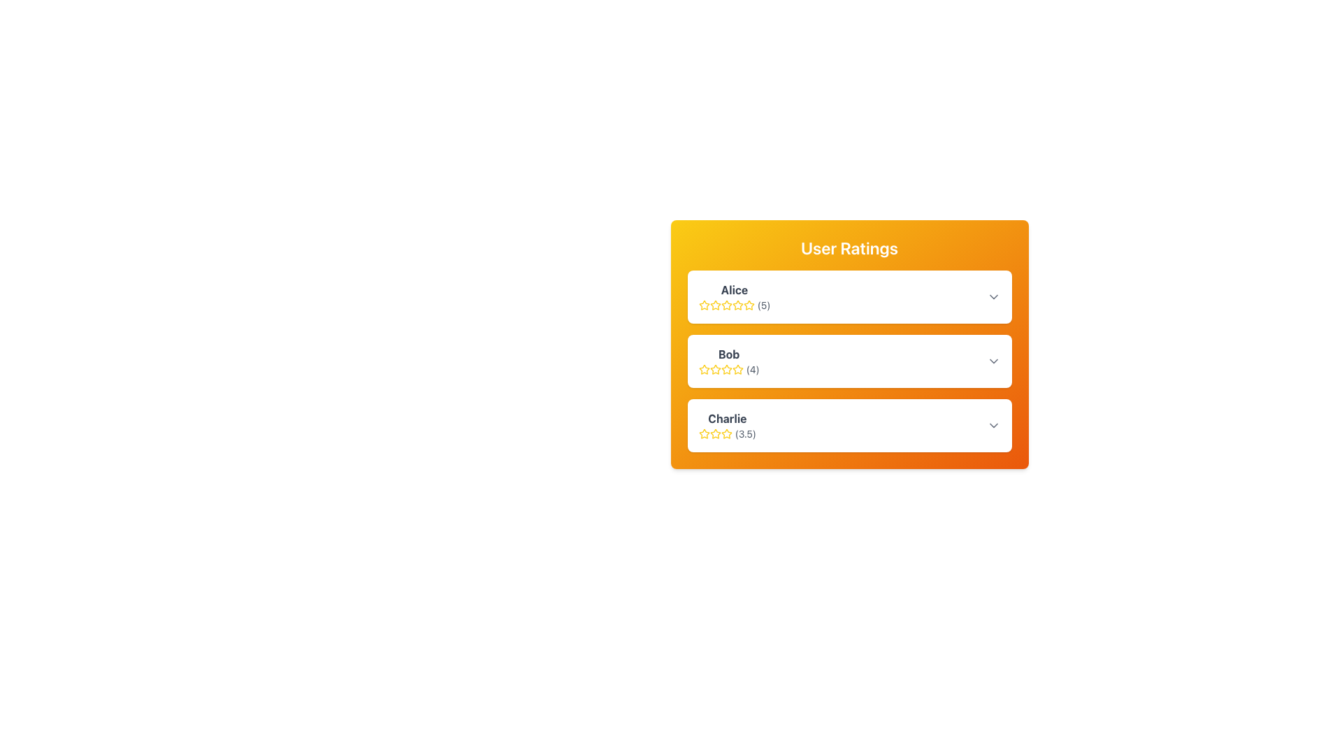  I want to click on the yellow star icon in the rating system for user 'Charlie', so click(704, 433).